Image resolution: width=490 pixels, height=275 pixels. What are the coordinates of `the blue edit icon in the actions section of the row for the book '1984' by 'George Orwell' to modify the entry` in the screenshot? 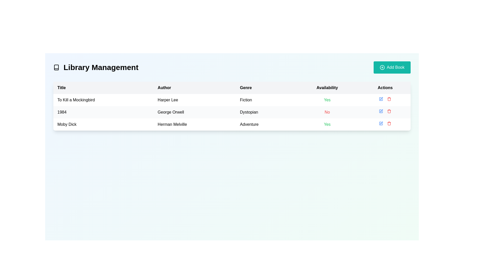 It's located at (385, 111).